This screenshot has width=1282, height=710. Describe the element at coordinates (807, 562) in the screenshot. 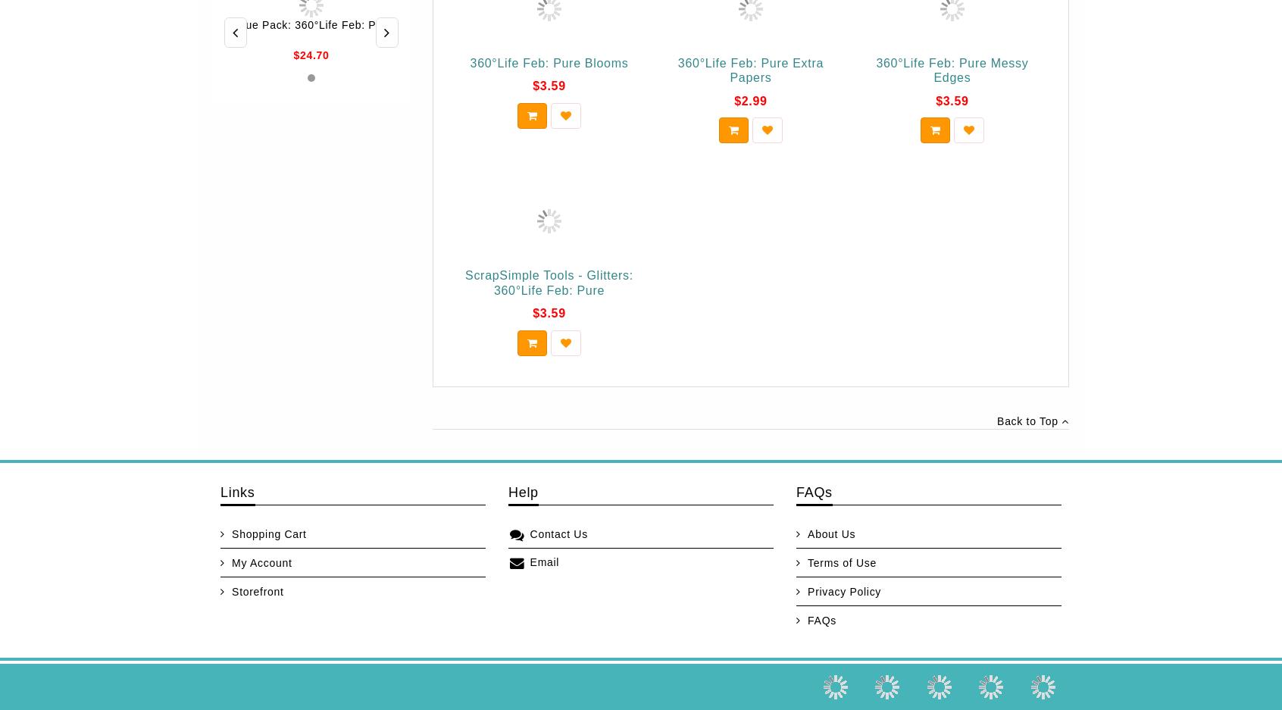

I see `'Terms of Use'` at that location.